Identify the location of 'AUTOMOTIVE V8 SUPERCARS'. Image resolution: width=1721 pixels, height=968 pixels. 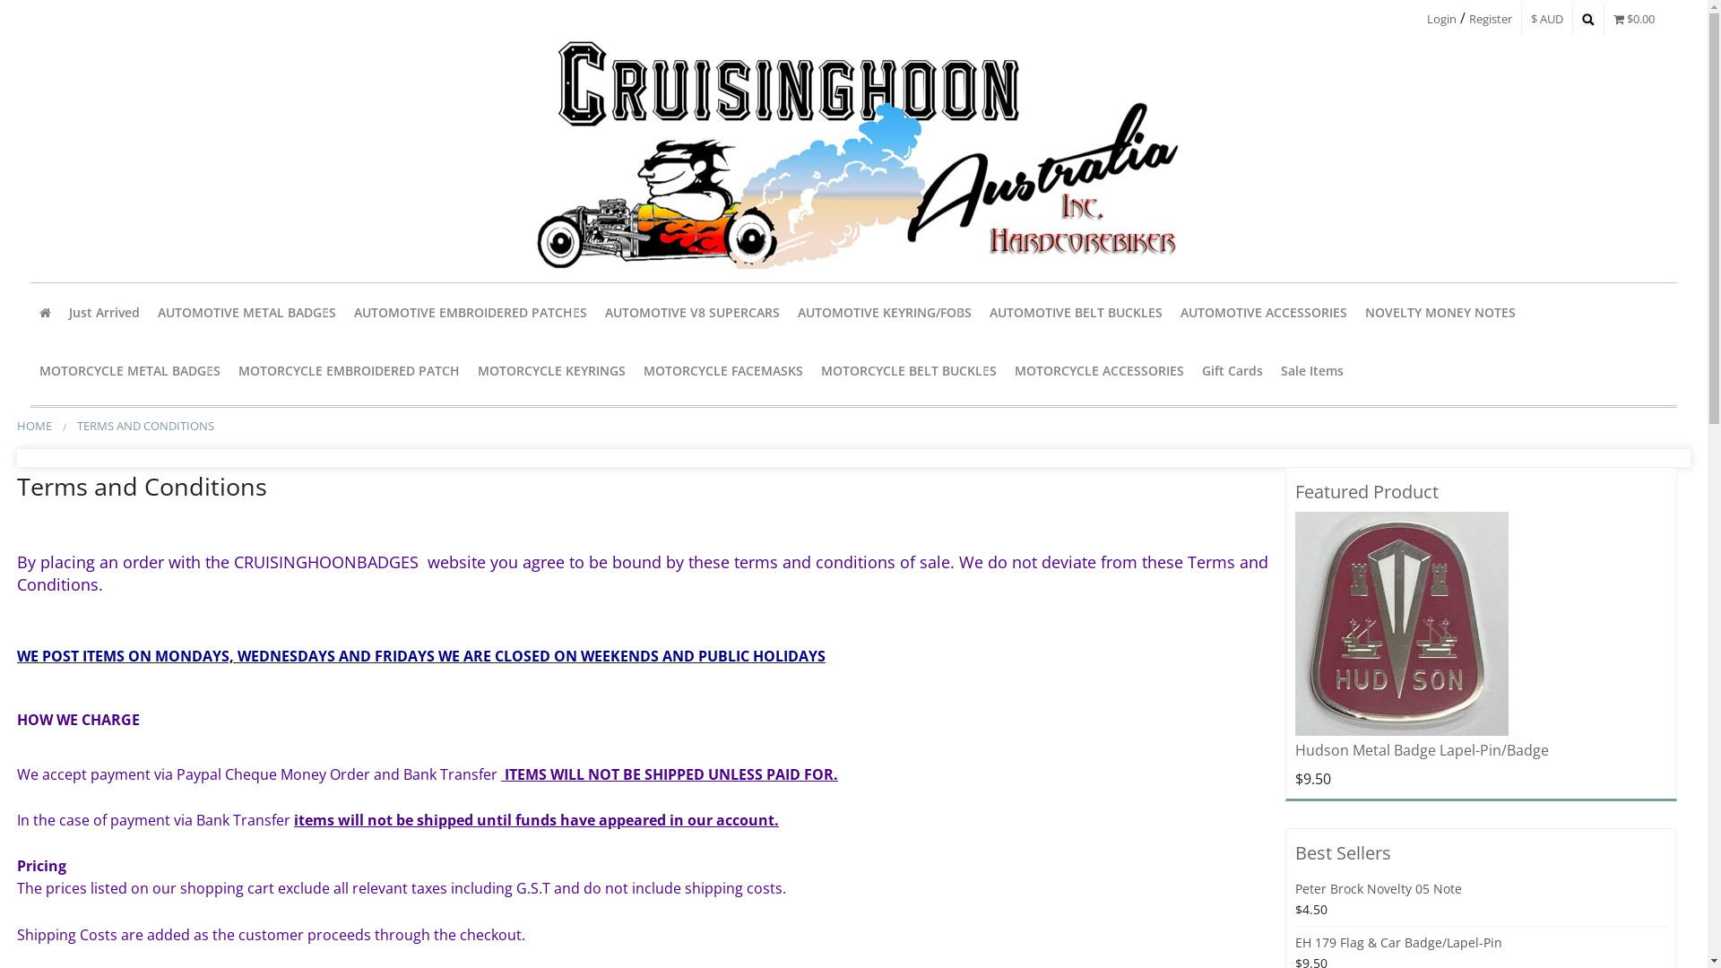
(691, 311).